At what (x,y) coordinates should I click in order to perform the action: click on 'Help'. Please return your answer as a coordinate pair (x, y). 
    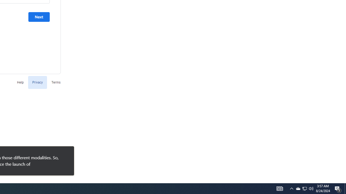
    Looking at the image, I should click on (20, 82).